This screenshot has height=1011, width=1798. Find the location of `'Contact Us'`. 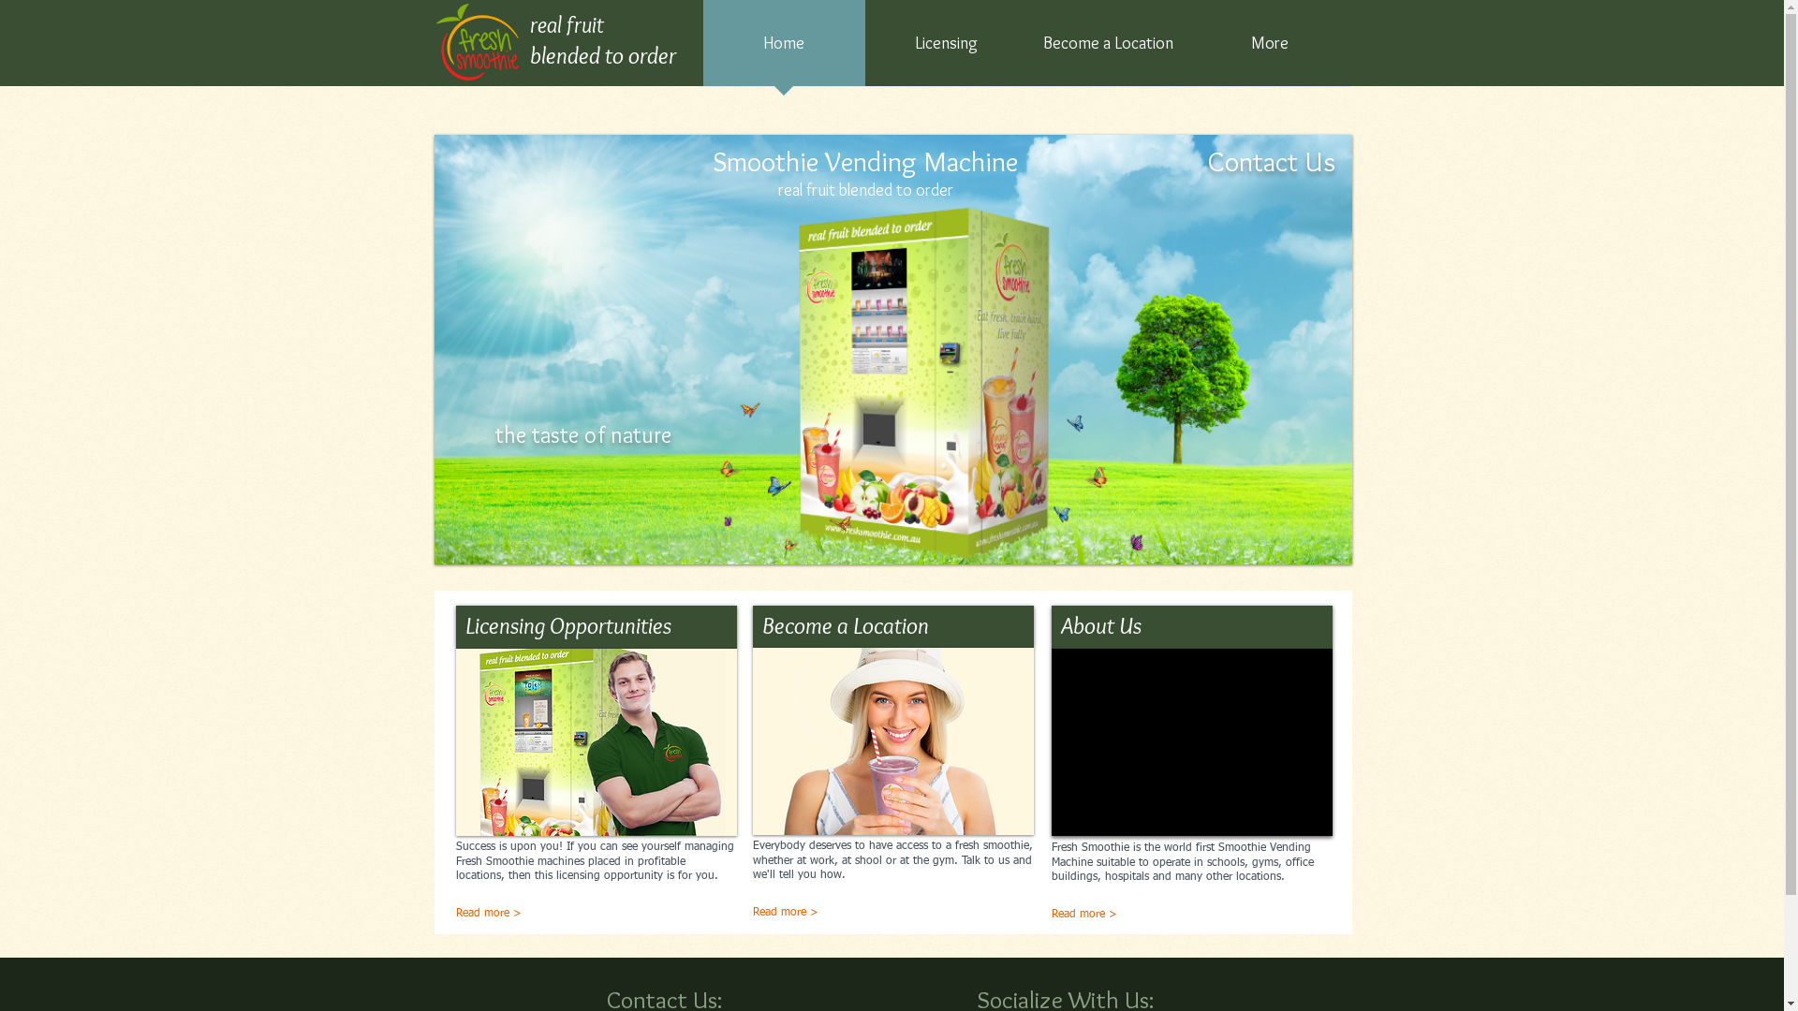

'Contact Us' is located at coordinates (1272, 160).